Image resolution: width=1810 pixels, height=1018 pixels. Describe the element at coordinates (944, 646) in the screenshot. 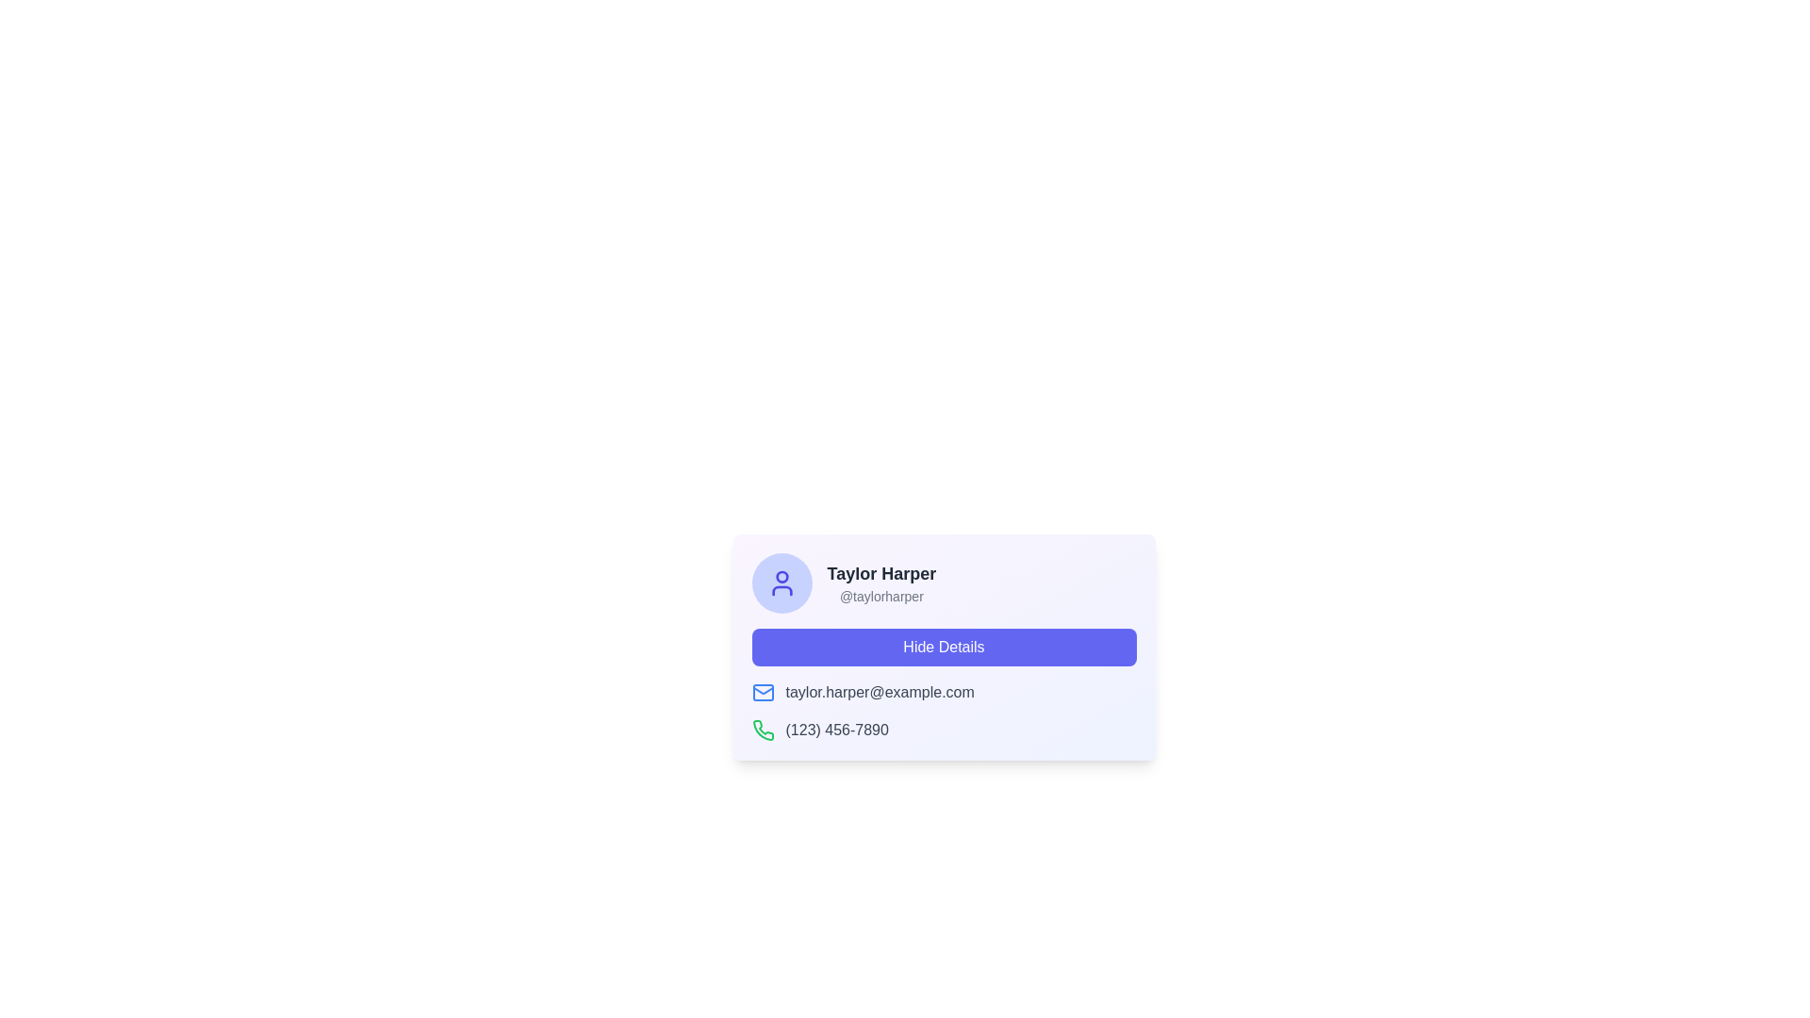

I see `the 'Hide Details' button, which is a rectangular button with rounded corners and an indigo gradient color` at that location.